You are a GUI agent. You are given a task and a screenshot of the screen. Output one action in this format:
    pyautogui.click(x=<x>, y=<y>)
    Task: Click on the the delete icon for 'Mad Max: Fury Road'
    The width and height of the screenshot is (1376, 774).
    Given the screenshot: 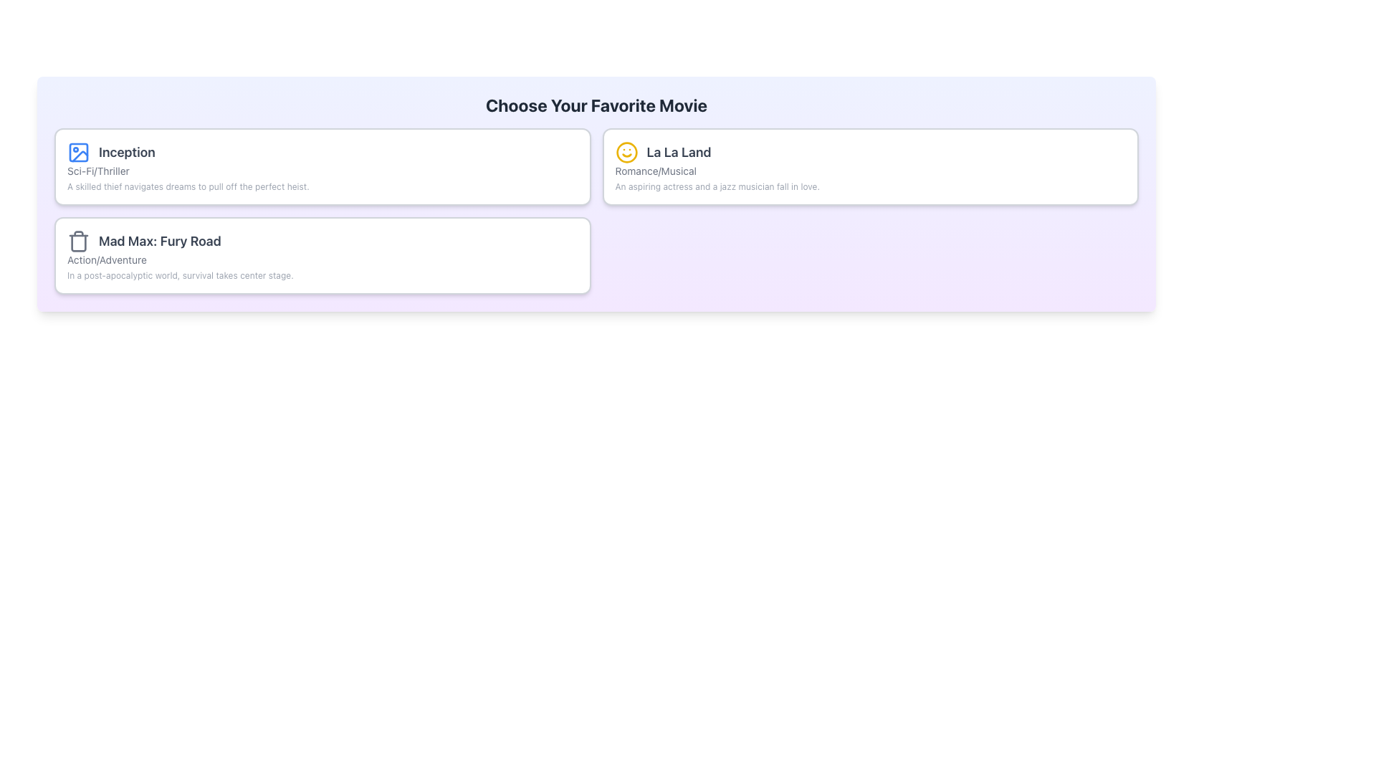 What is the action you would take?
    pyautogui.click(x=78, y=240)
    